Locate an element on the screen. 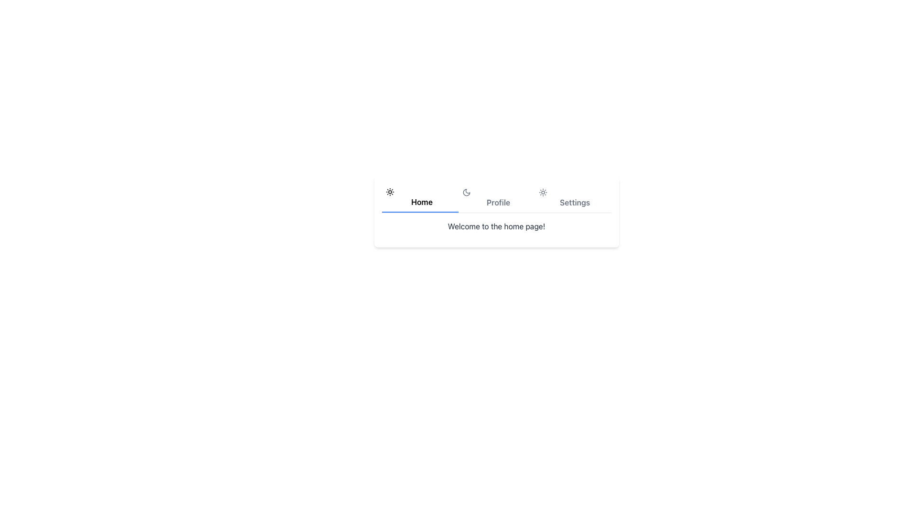 The height and width of the screenshot is (516, 918). the 'Settings' label in the navigation bar to potentially trigger a tooltip or style change is located at coordinates (574, 202).